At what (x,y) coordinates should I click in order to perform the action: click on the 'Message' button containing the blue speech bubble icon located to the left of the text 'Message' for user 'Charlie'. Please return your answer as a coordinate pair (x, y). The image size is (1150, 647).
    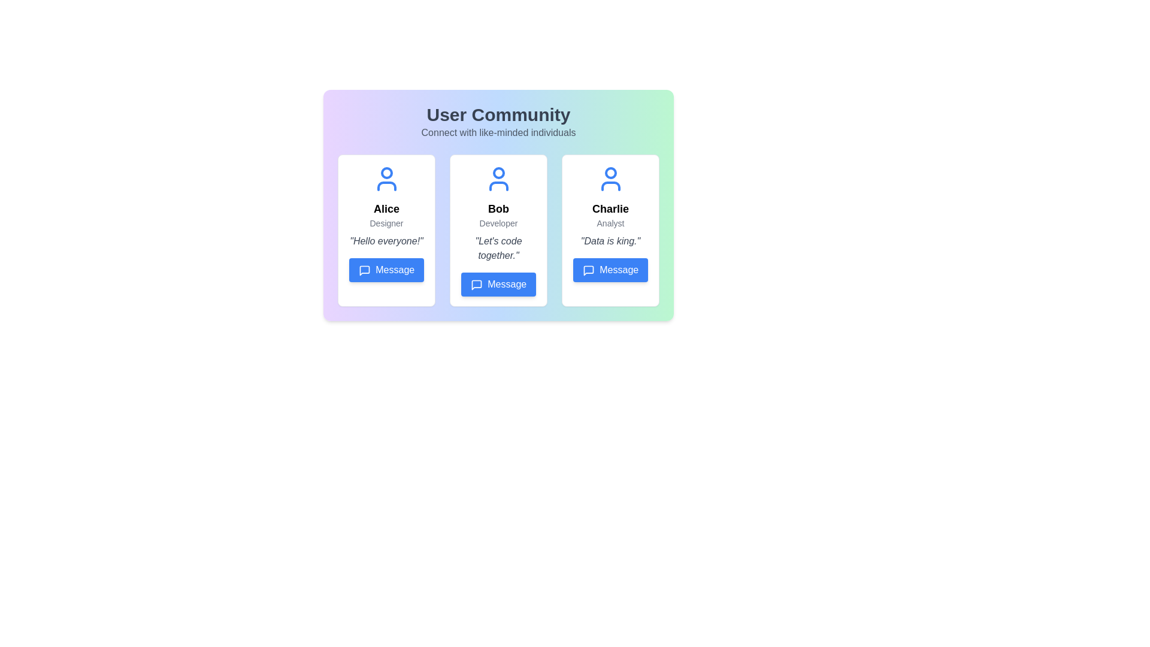
    Looking at the image, I should click on (588, 270).